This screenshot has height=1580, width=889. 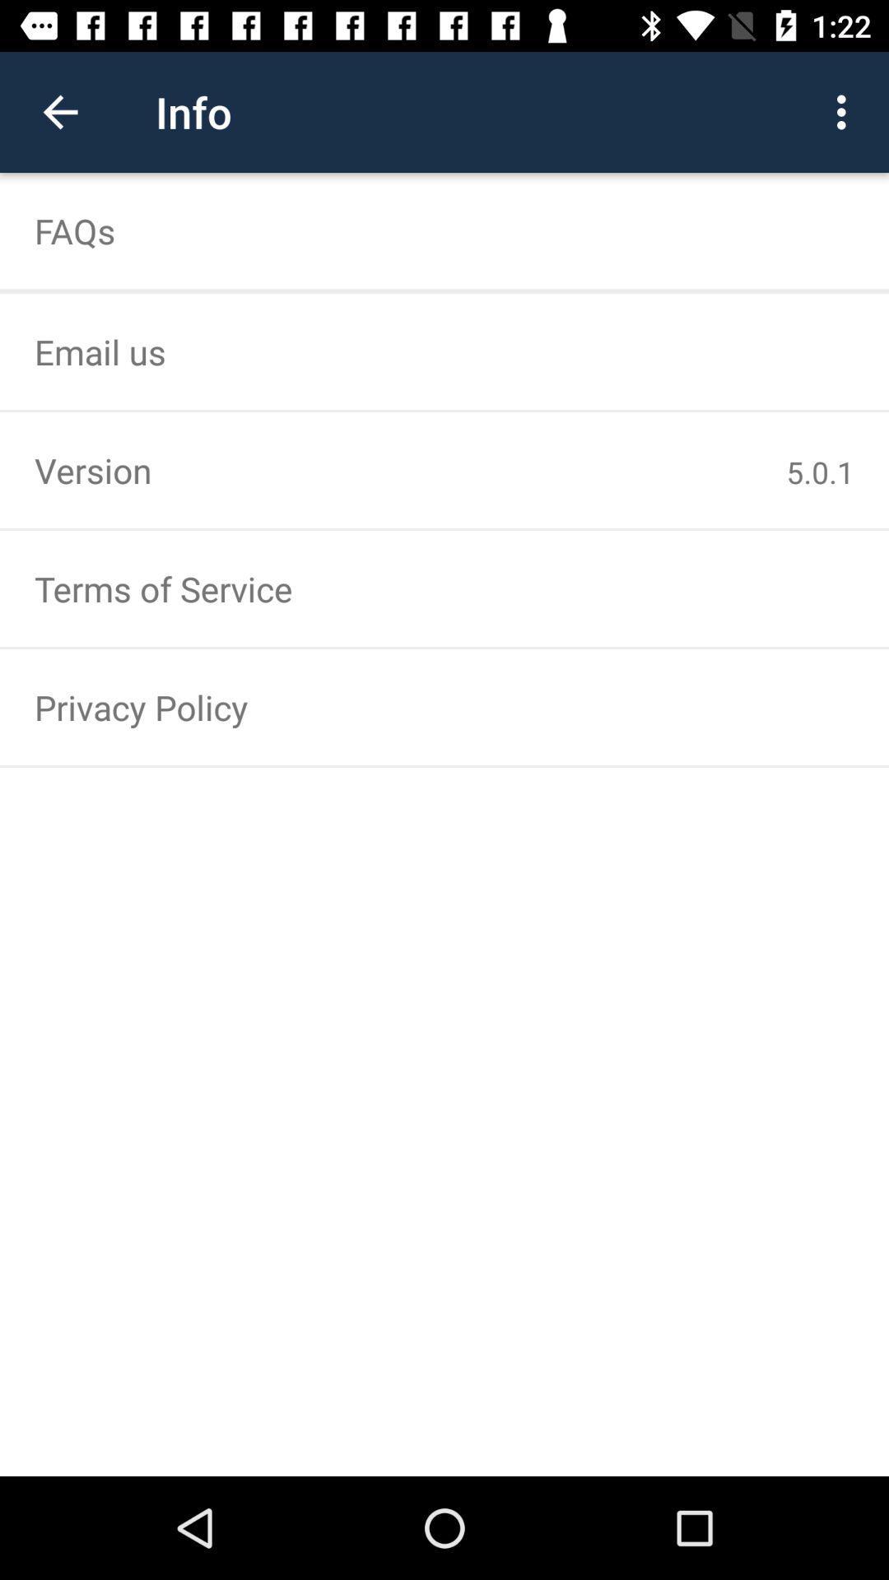 I want to click on the icon above the faqs icon, so click(x=59, y=111).